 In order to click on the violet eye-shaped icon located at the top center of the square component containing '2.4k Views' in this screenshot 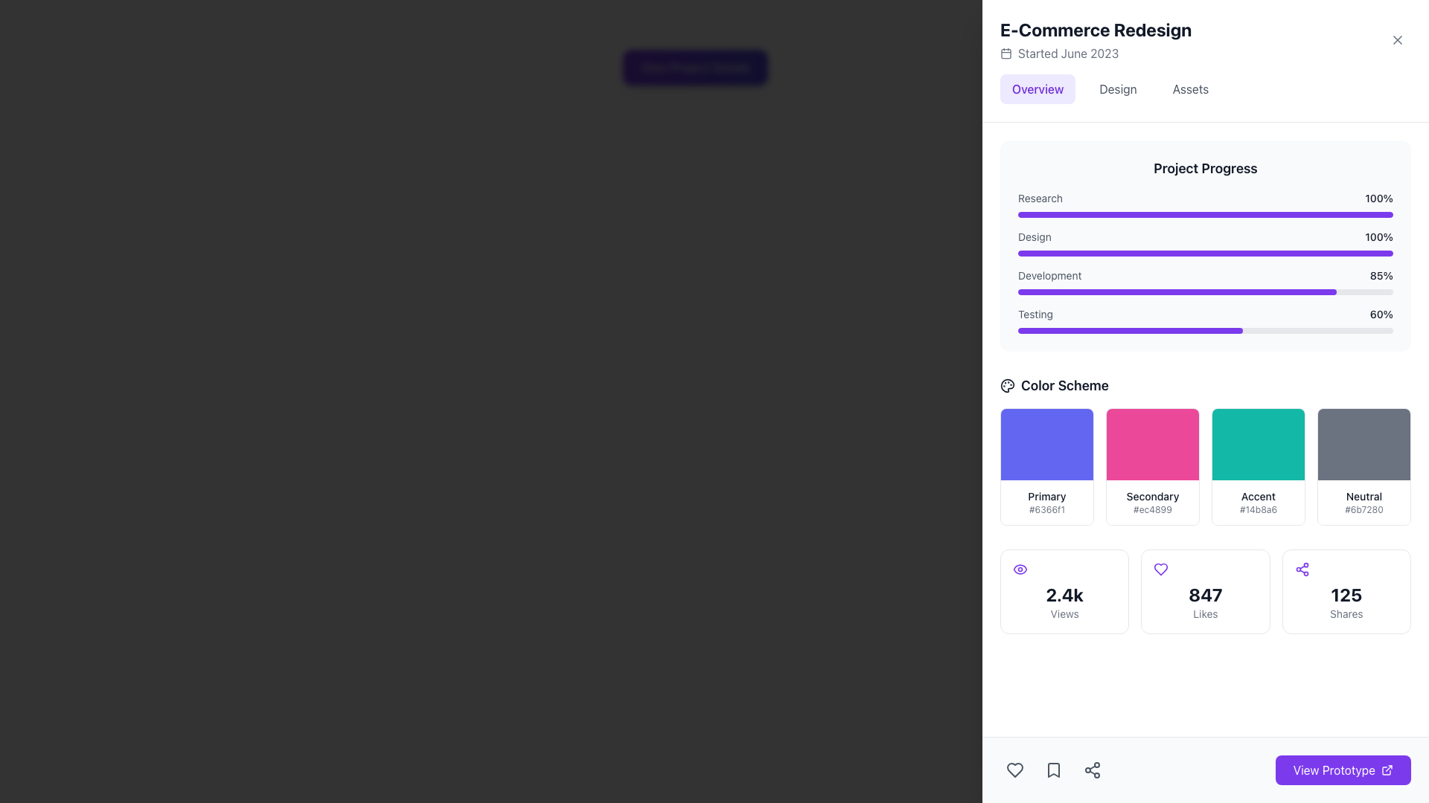, I will do `click(1020, 569)`.